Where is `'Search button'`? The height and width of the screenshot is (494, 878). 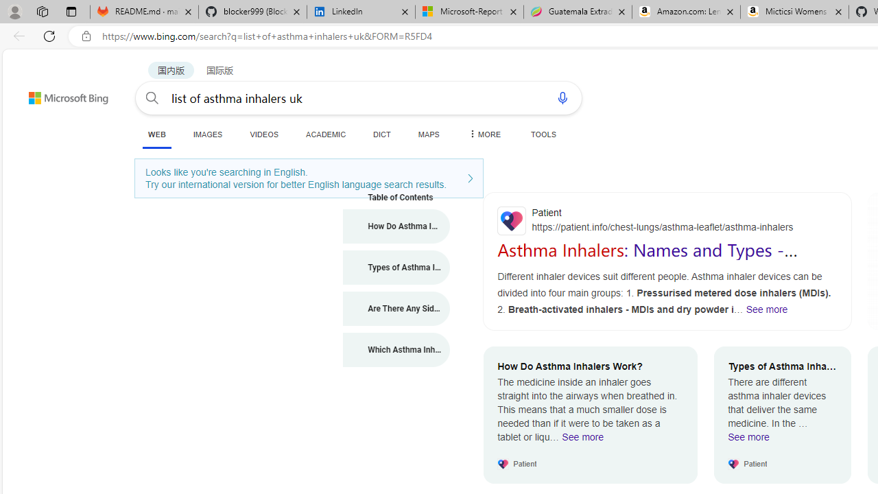 'Search button' is located at coordinates (152, 97).